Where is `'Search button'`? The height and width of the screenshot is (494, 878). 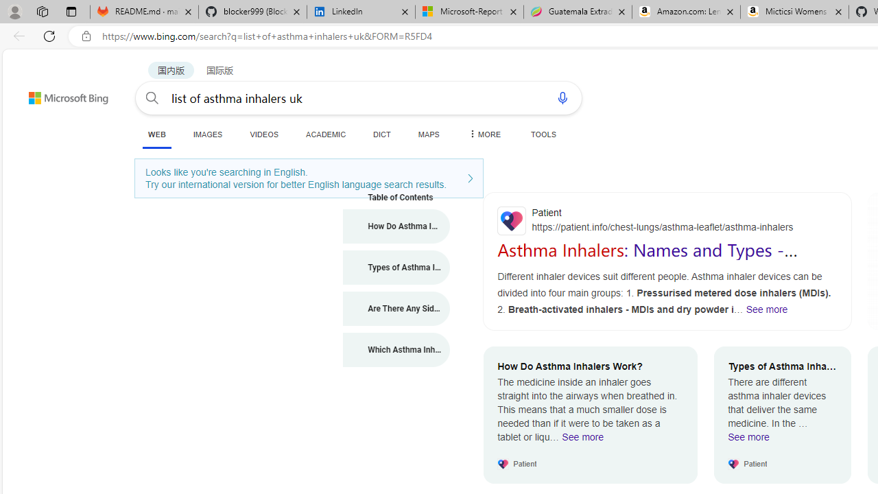 'Search button' is located at coordinates (152, 97).